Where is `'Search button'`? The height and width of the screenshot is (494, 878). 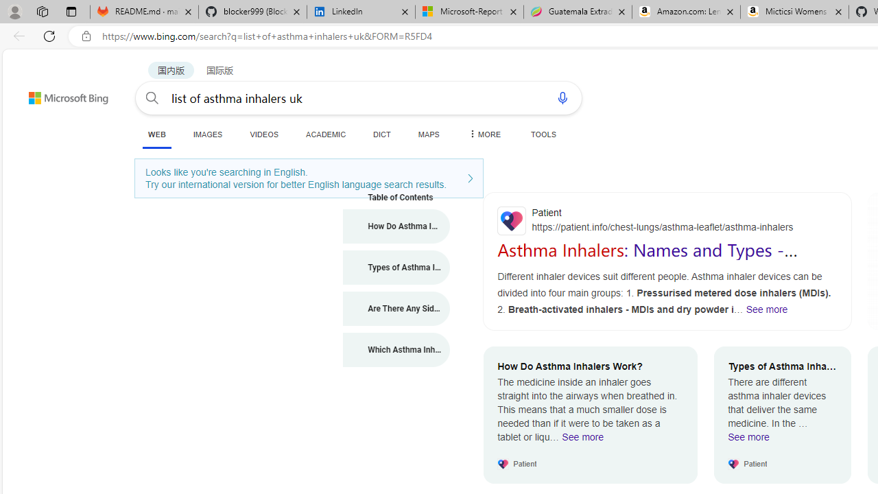 'Search button' is located at coordinates (152, 97).